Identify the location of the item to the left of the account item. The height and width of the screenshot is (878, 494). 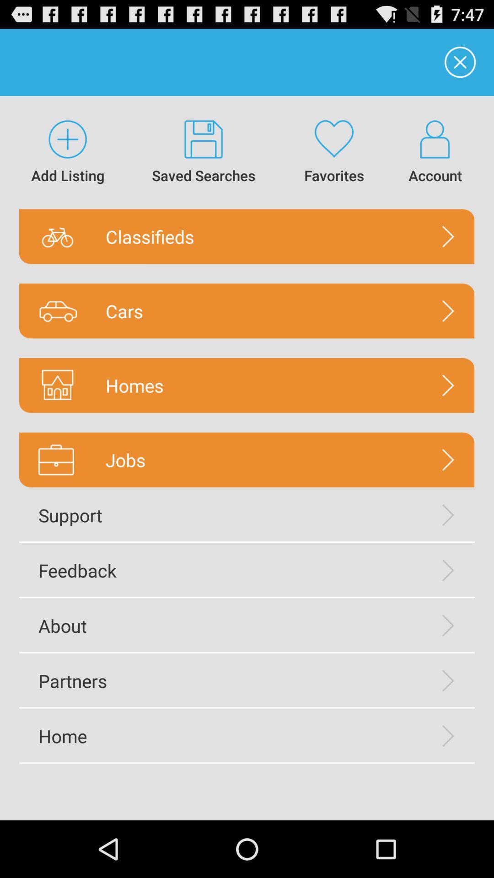
(334, 152).